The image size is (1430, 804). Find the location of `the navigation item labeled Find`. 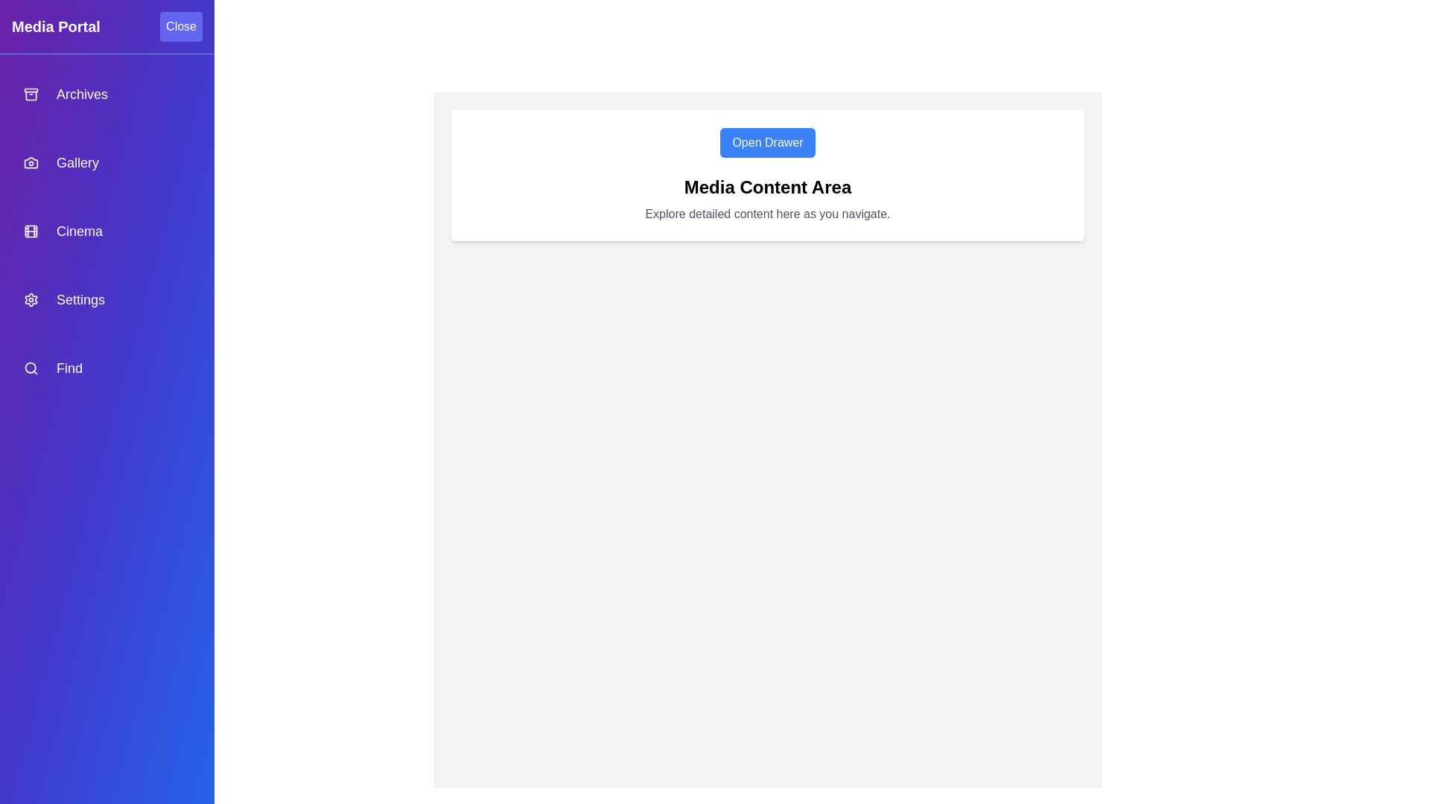

the navigation item labeled Find is located at coordinates (107, 368).